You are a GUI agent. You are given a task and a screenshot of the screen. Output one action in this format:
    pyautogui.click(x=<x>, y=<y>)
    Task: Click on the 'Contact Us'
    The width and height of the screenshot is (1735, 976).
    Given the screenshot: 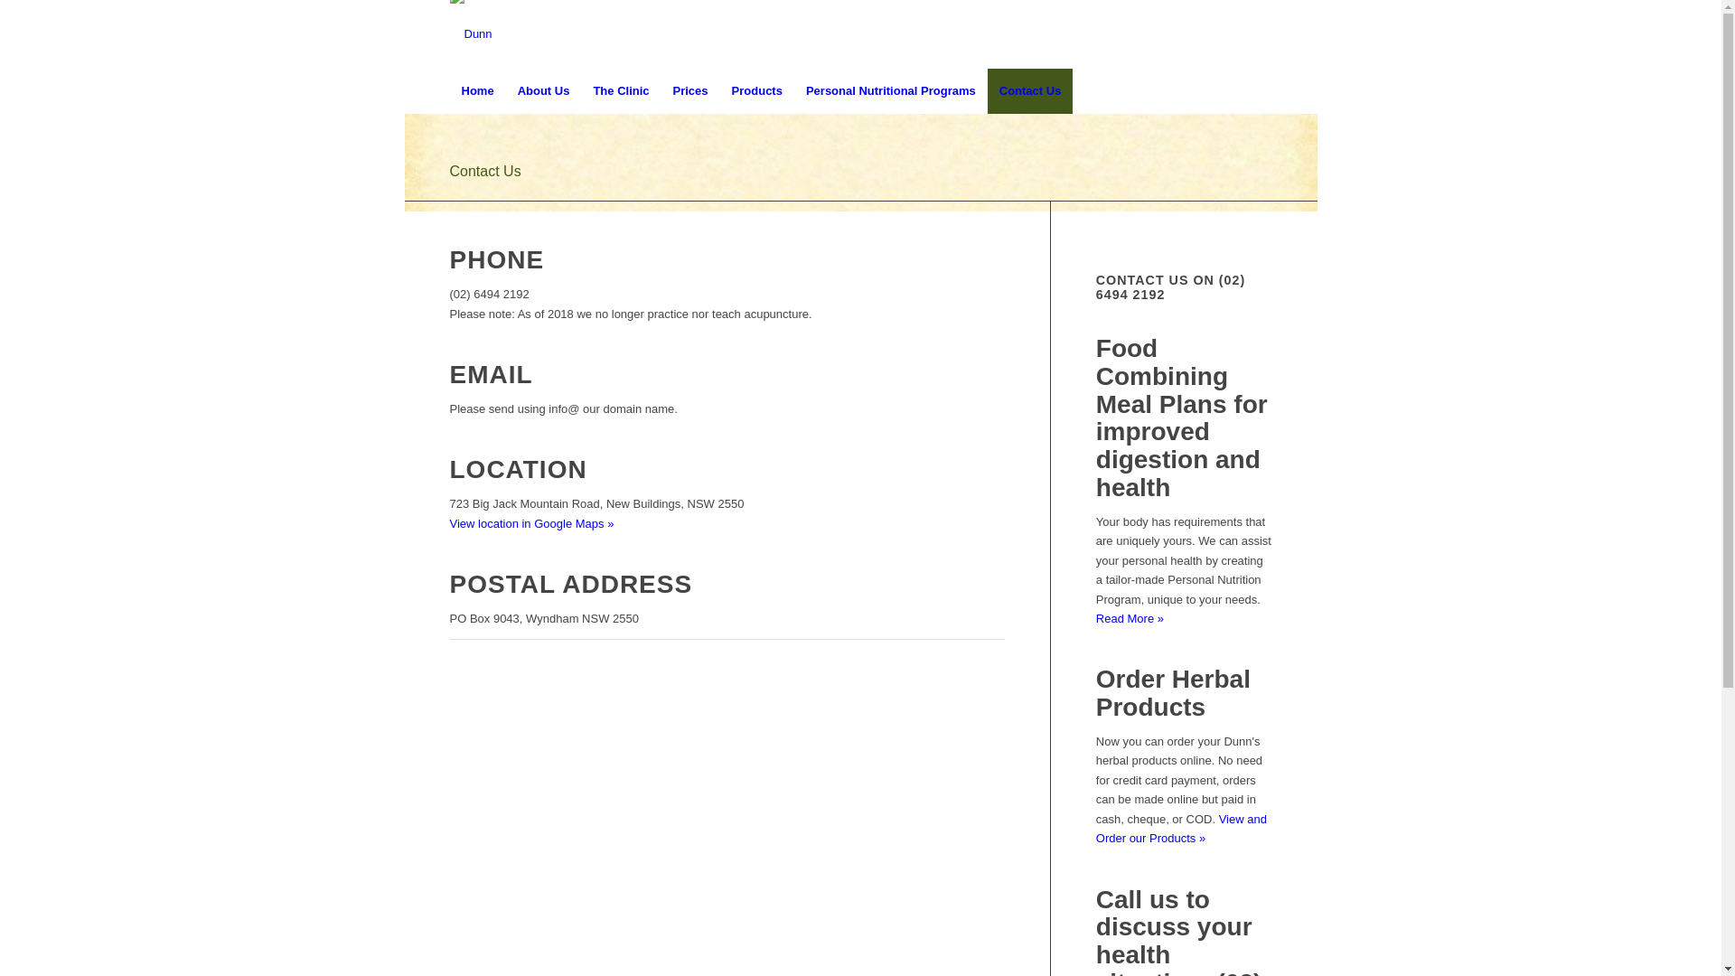 What is the action you would take?
    pyautogui.click(x=1030, y=90)
    